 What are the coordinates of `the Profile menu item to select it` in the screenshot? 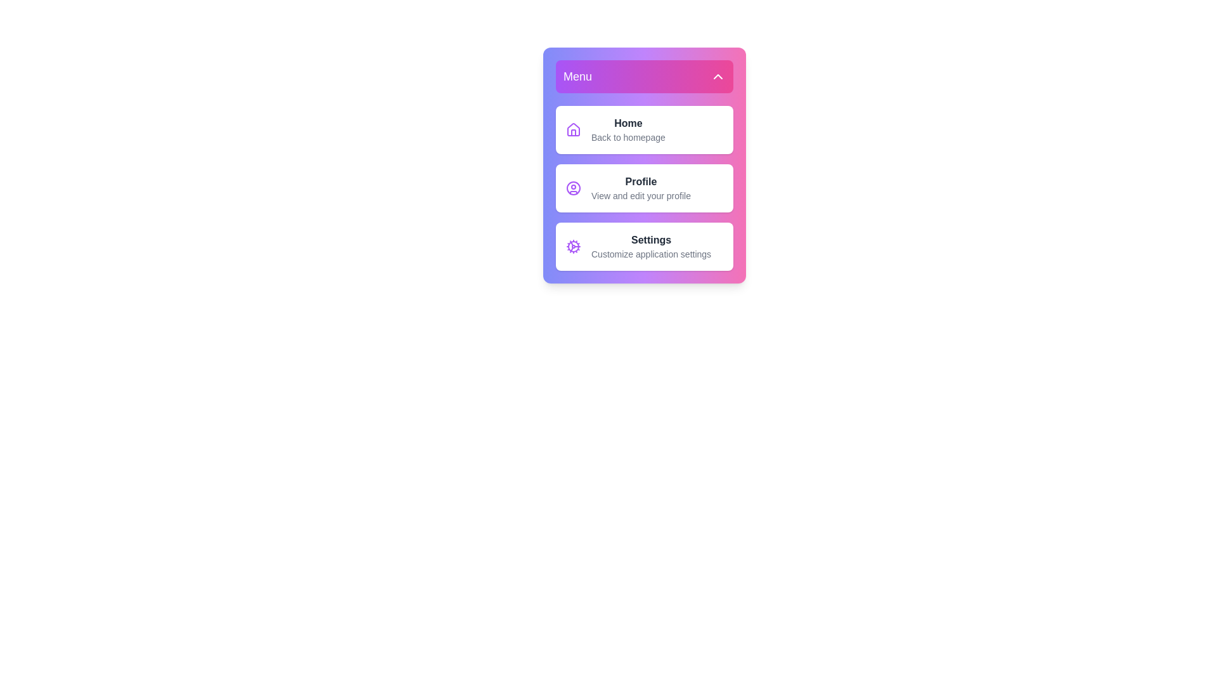 It's located at (645, 188).